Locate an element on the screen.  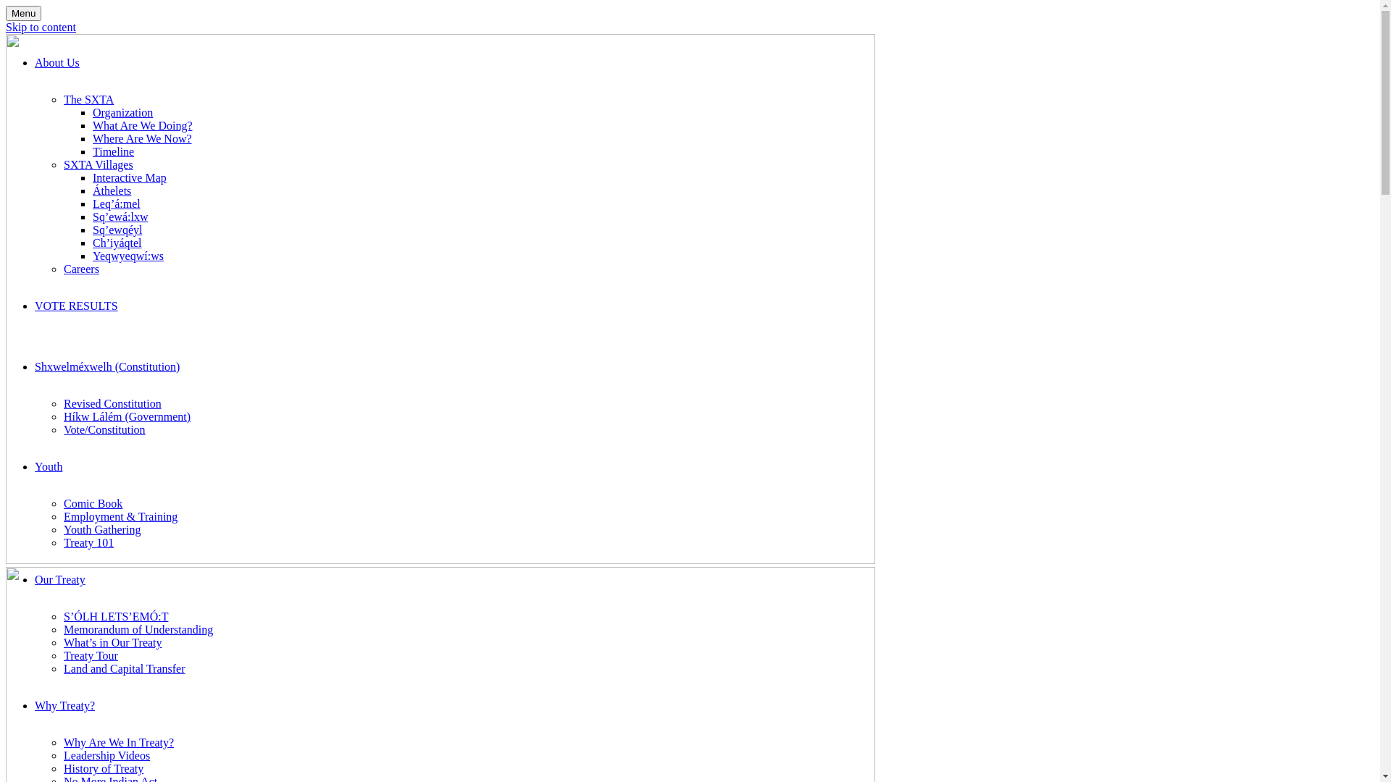
'Why Treaty?' is located at coordinates (64, 705).